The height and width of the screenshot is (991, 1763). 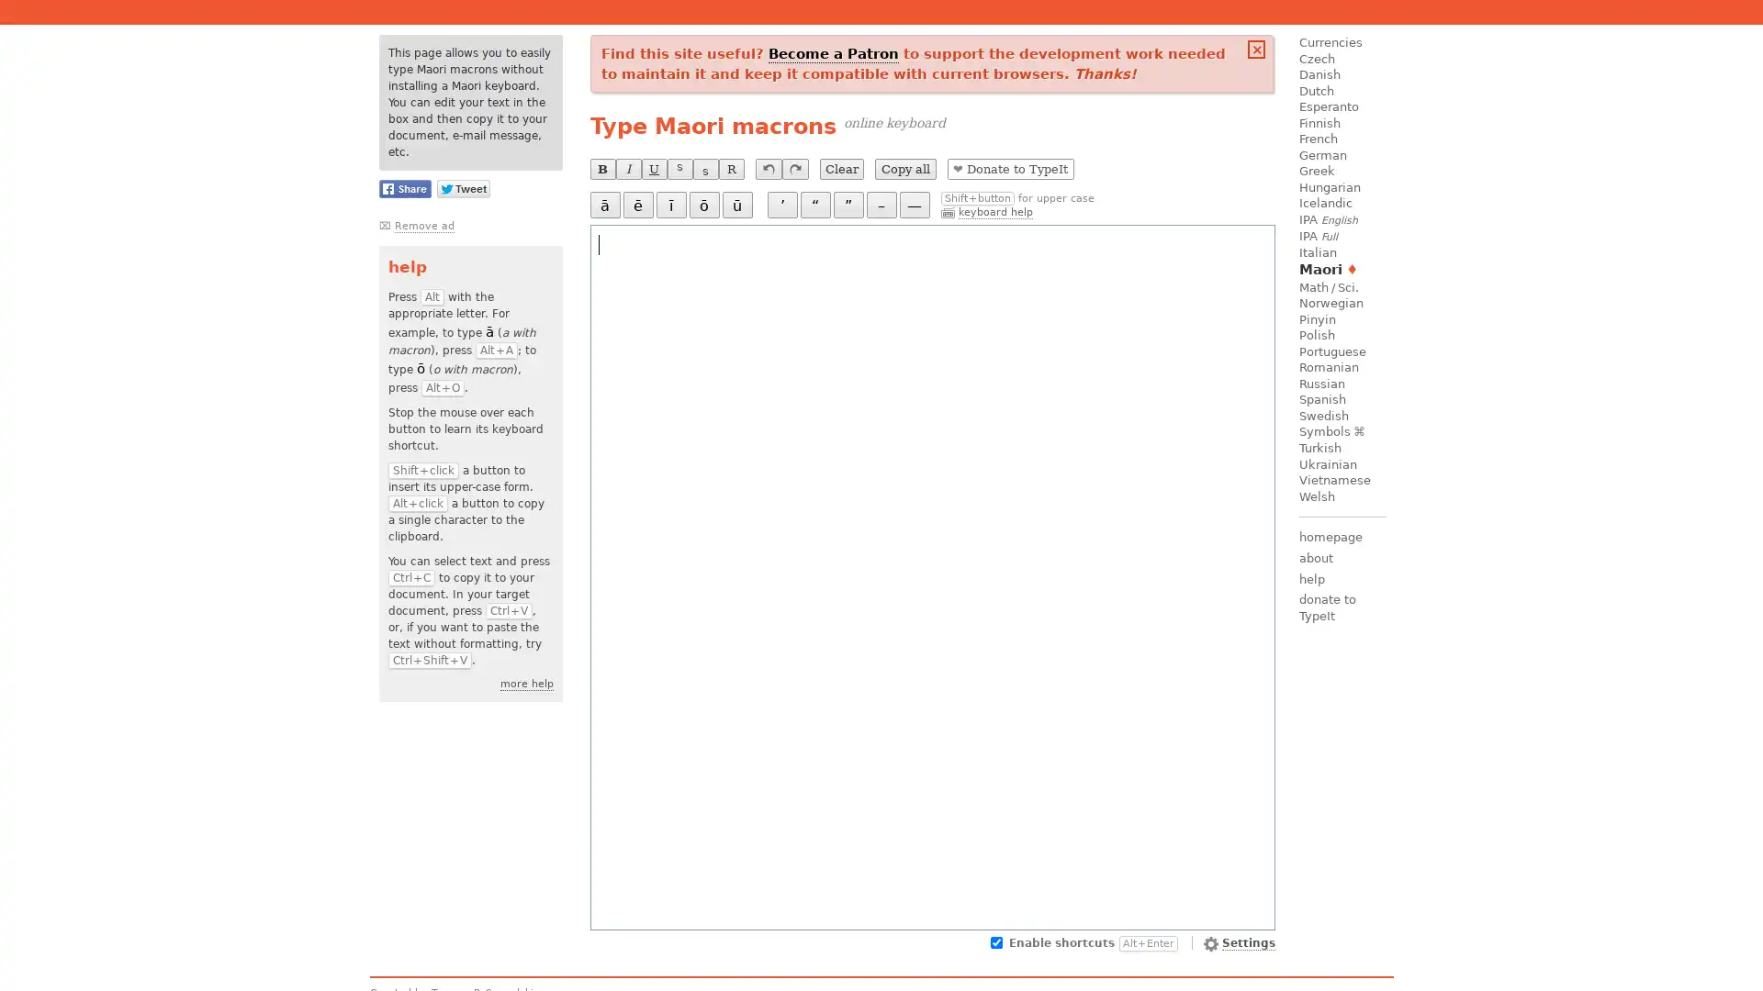 I want to click on Share this page on Twitter, so click(x=463, y=188).